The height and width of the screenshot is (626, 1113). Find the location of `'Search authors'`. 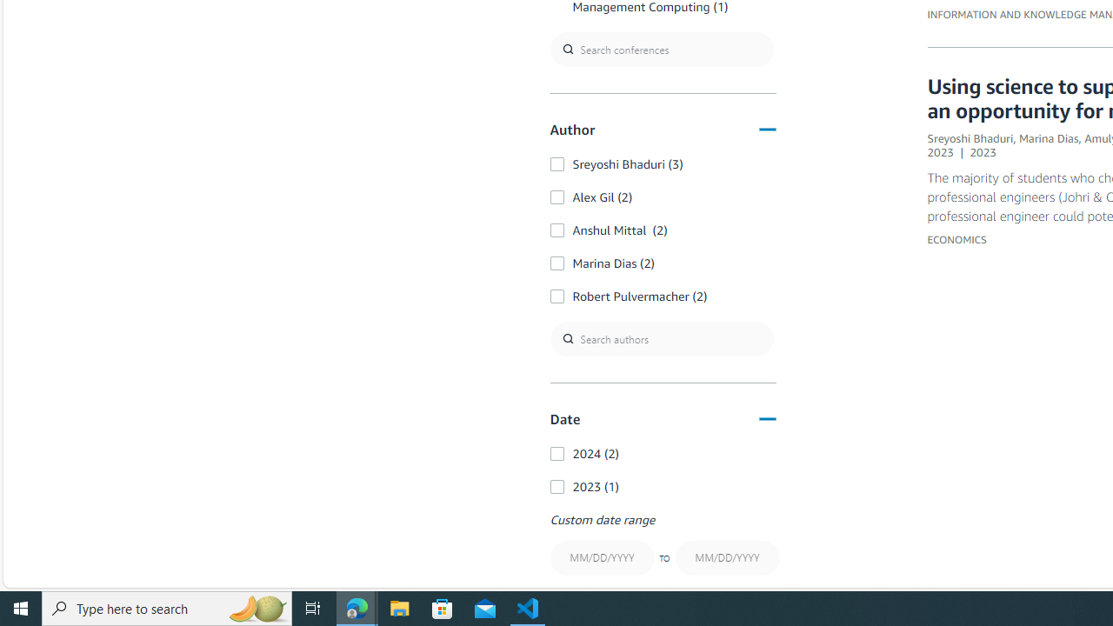

'Search authors' is located at coordinates (660, 339).